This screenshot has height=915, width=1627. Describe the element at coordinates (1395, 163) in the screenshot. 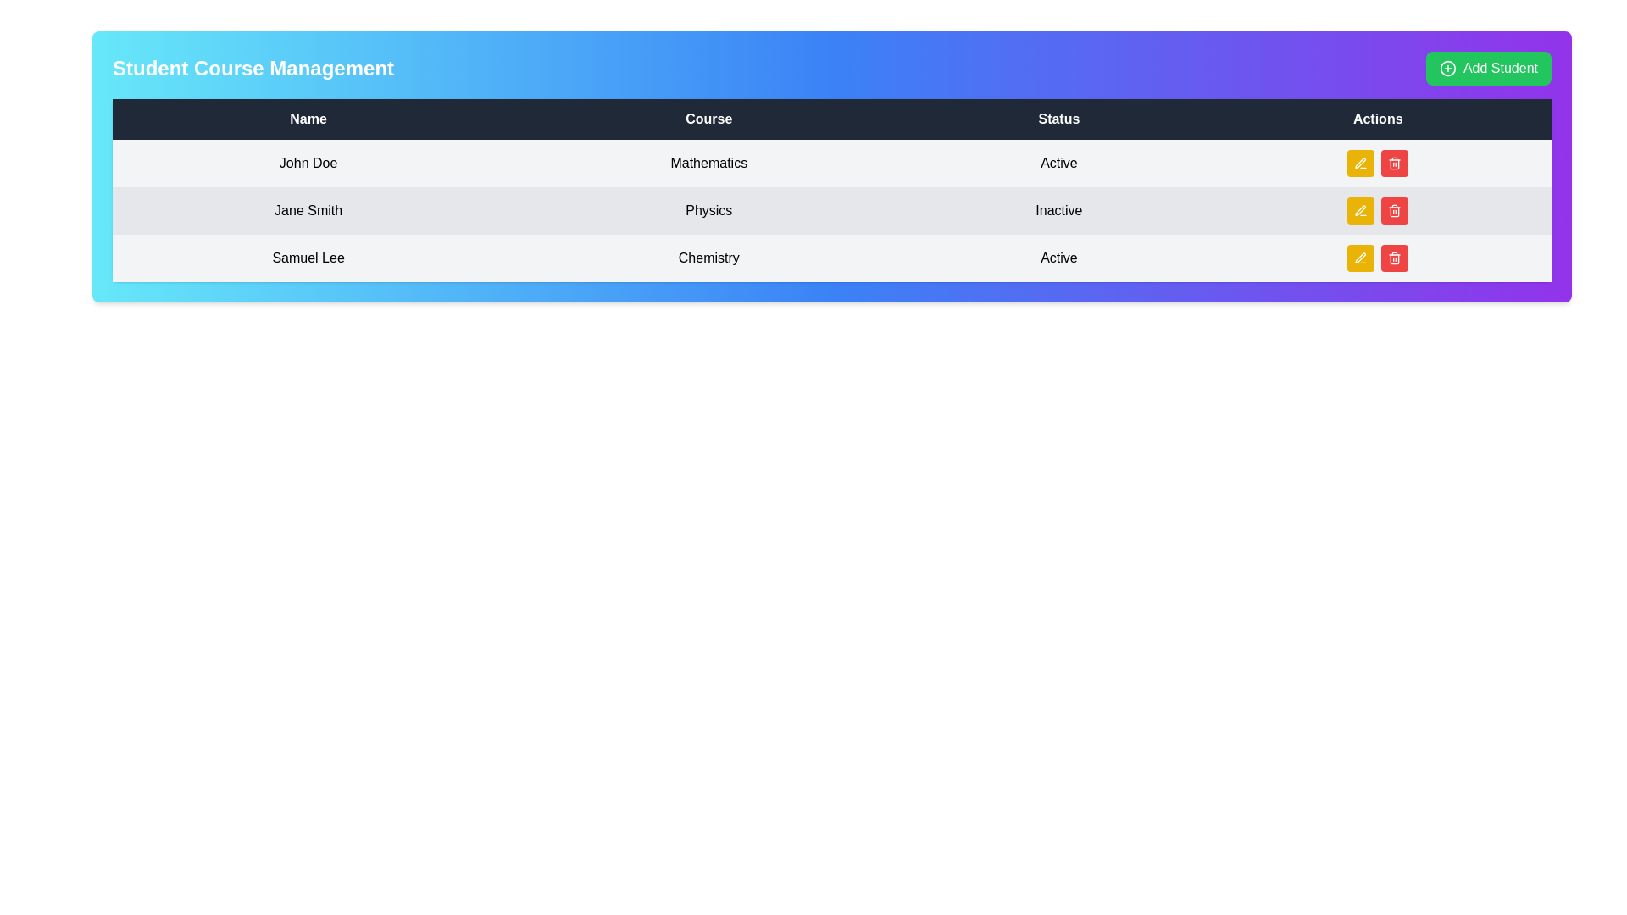

I see `the trash can icon button located in the third row under the 'Actions' column in the table` at that location.